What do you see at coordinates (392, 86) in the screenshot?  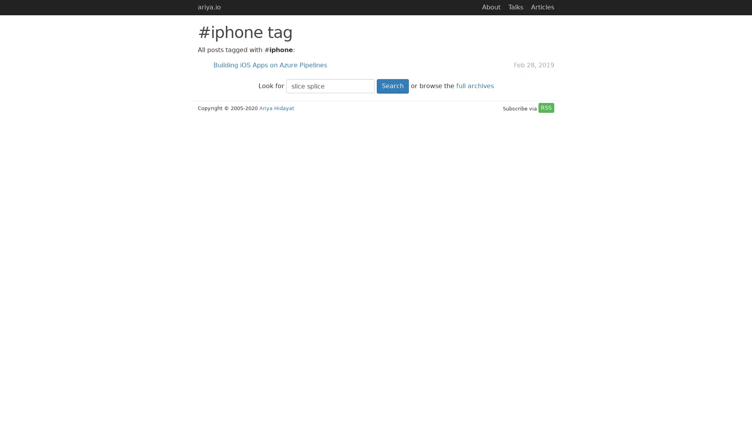 I see `Search` at bounding box center [392, 86].